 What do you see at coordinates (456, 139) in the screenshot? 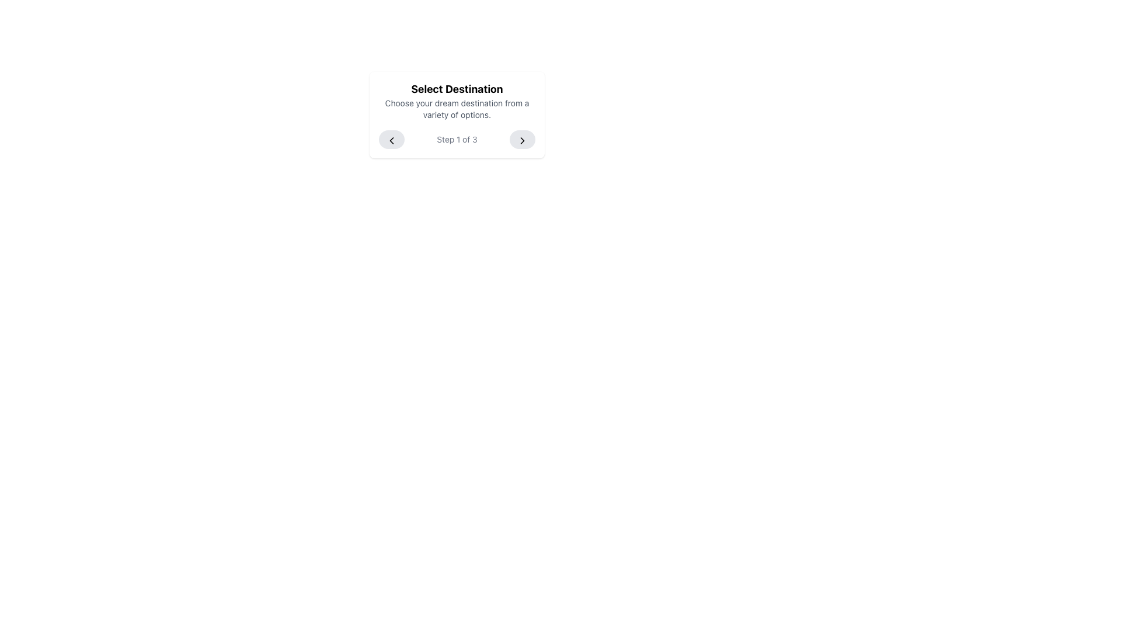
I see `the Text label that indicates the current step in the multi-step process, located in the center of the navigation bar between the left and right arrow icons` at bounding box center [456, 139].